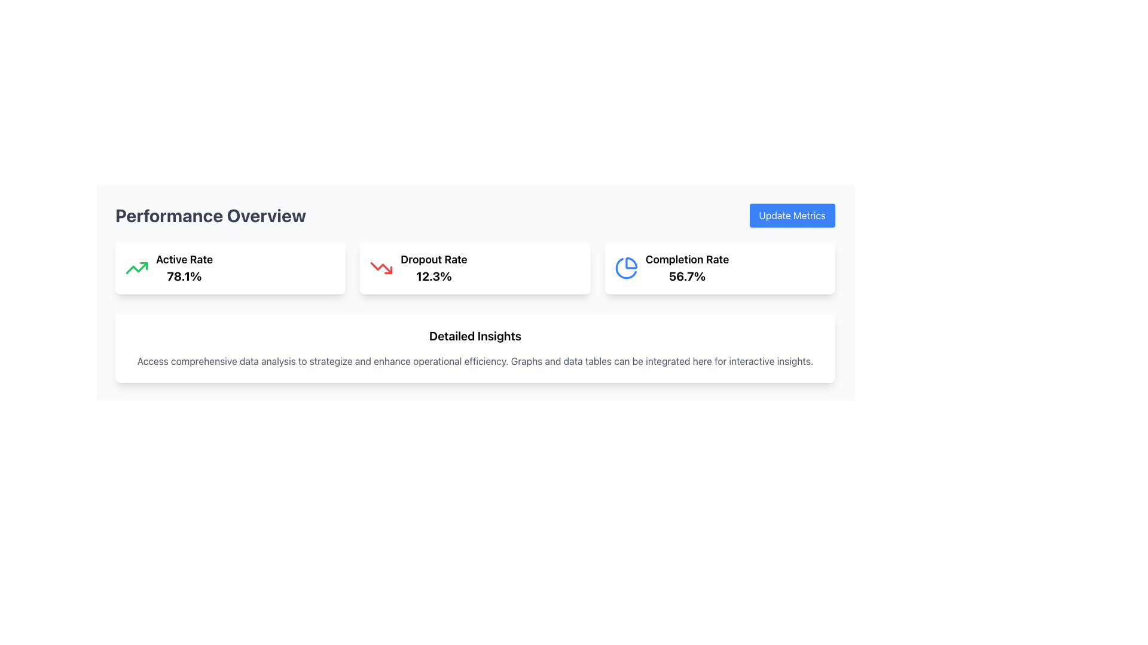  What do you see at coordinates (671, 267) in the screenshot?
I see `the 'Completion Rate' information display card located at the rightmost position under the 'Performance Overview' heading if it is interactive` at bounding box center [671, 267].